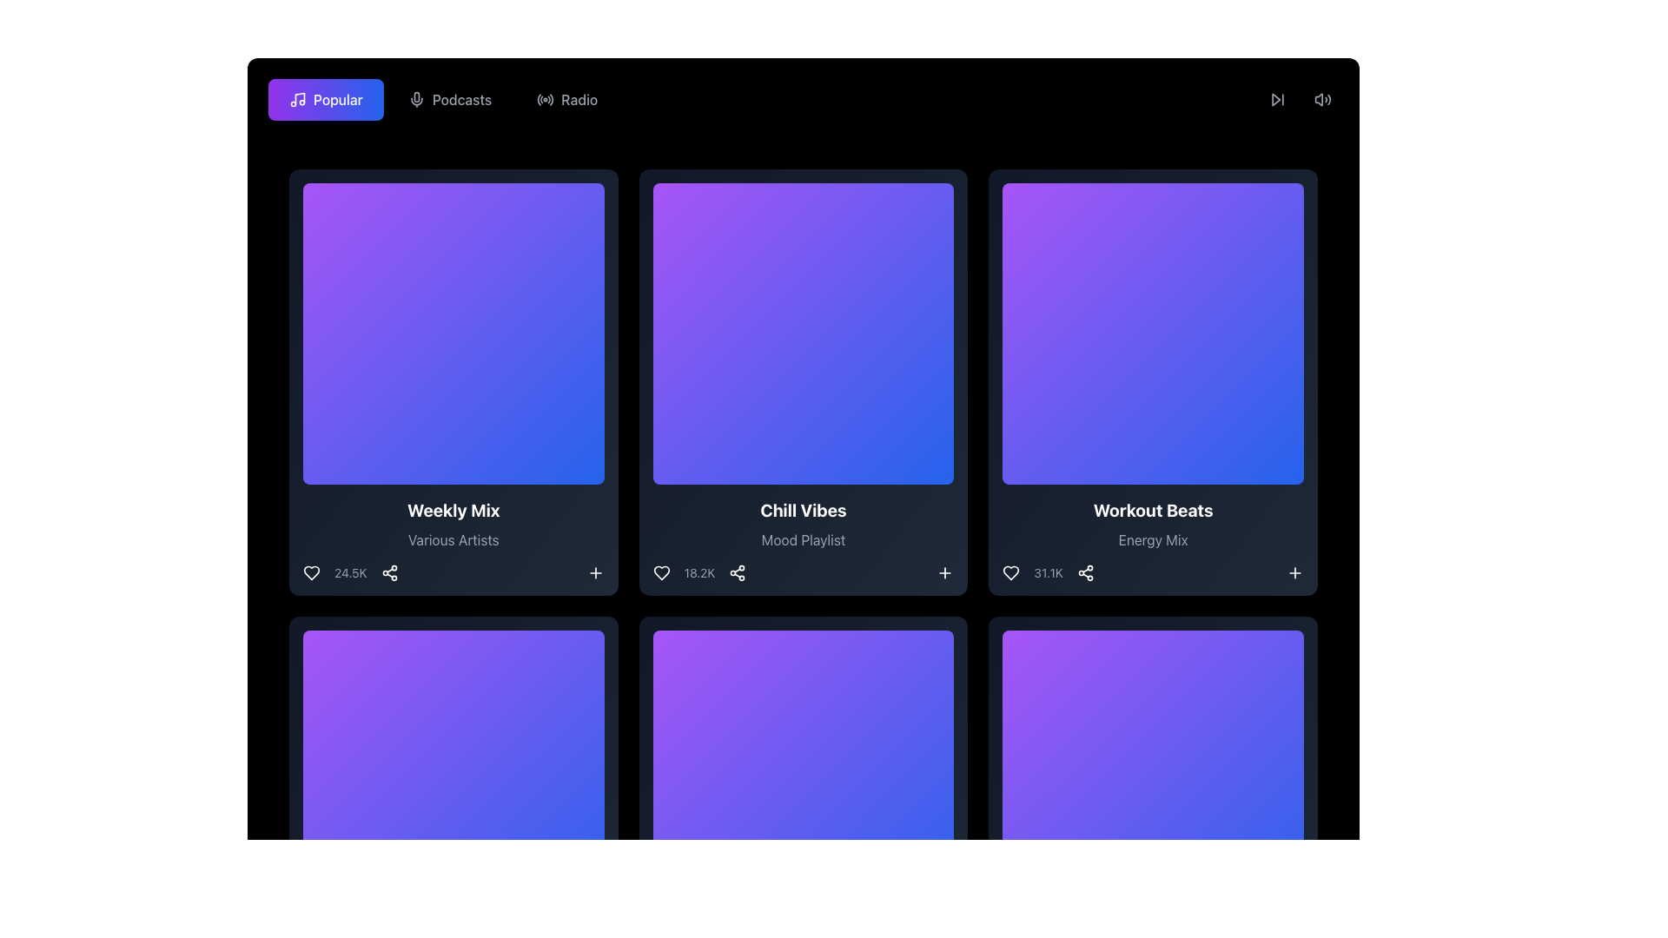 The height and width of the screenshot is (938, 1668). Describe the element at coordinates (312, 572) in the screenshot. I see `the heart icon located in the lower-left corner of the first card in the grid layout to like or unlike the associated content` at that location.